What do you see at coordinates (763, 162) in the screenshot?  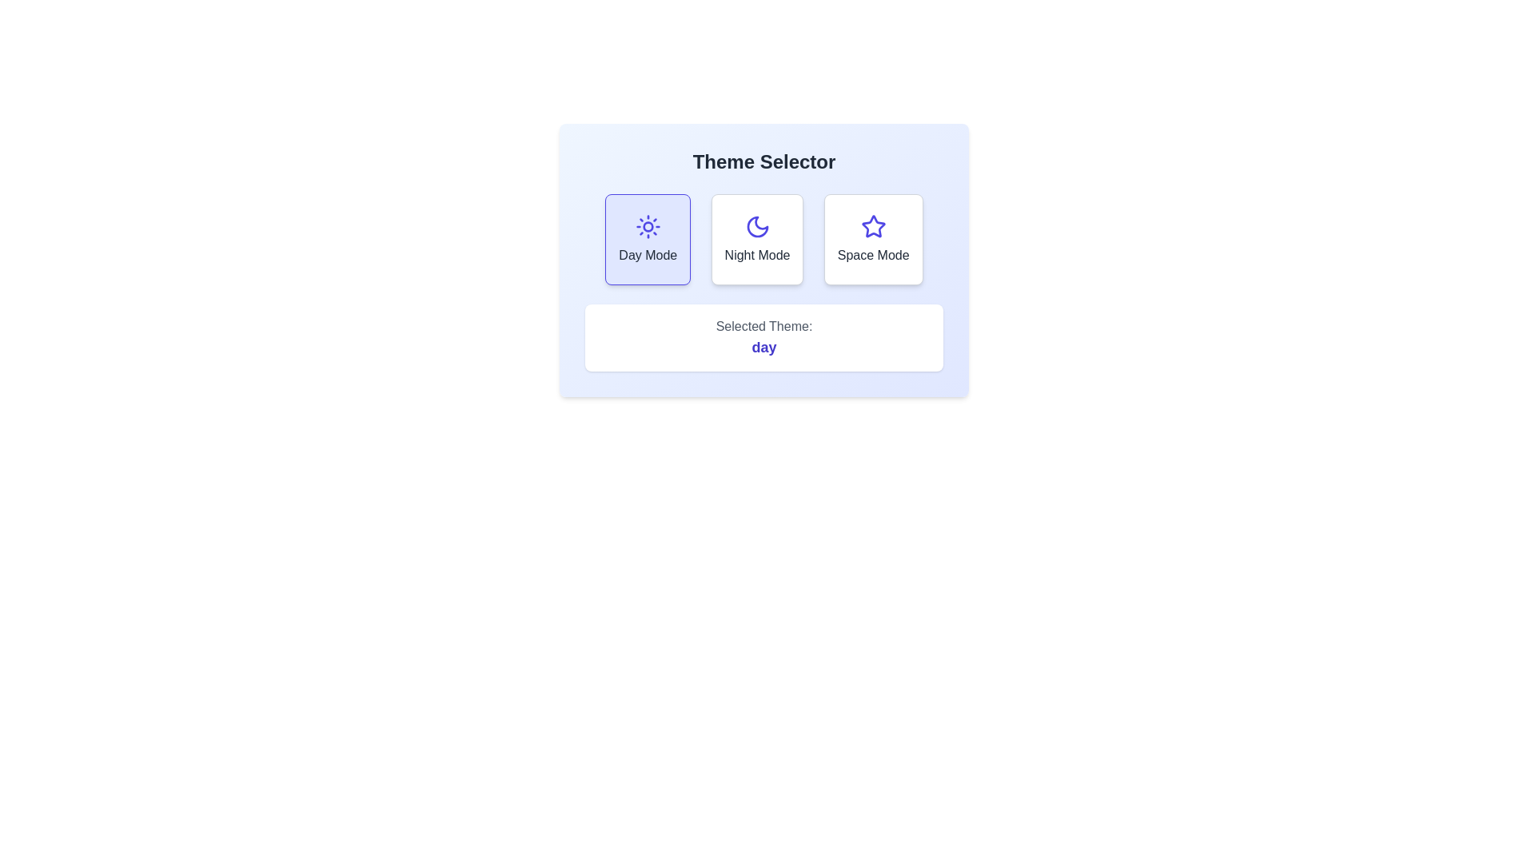 I see `the 'Theme Selector' text header, which is bold, centered, and located at the top of the panel above the mode selection buttons` at bounding box center [763, 162].